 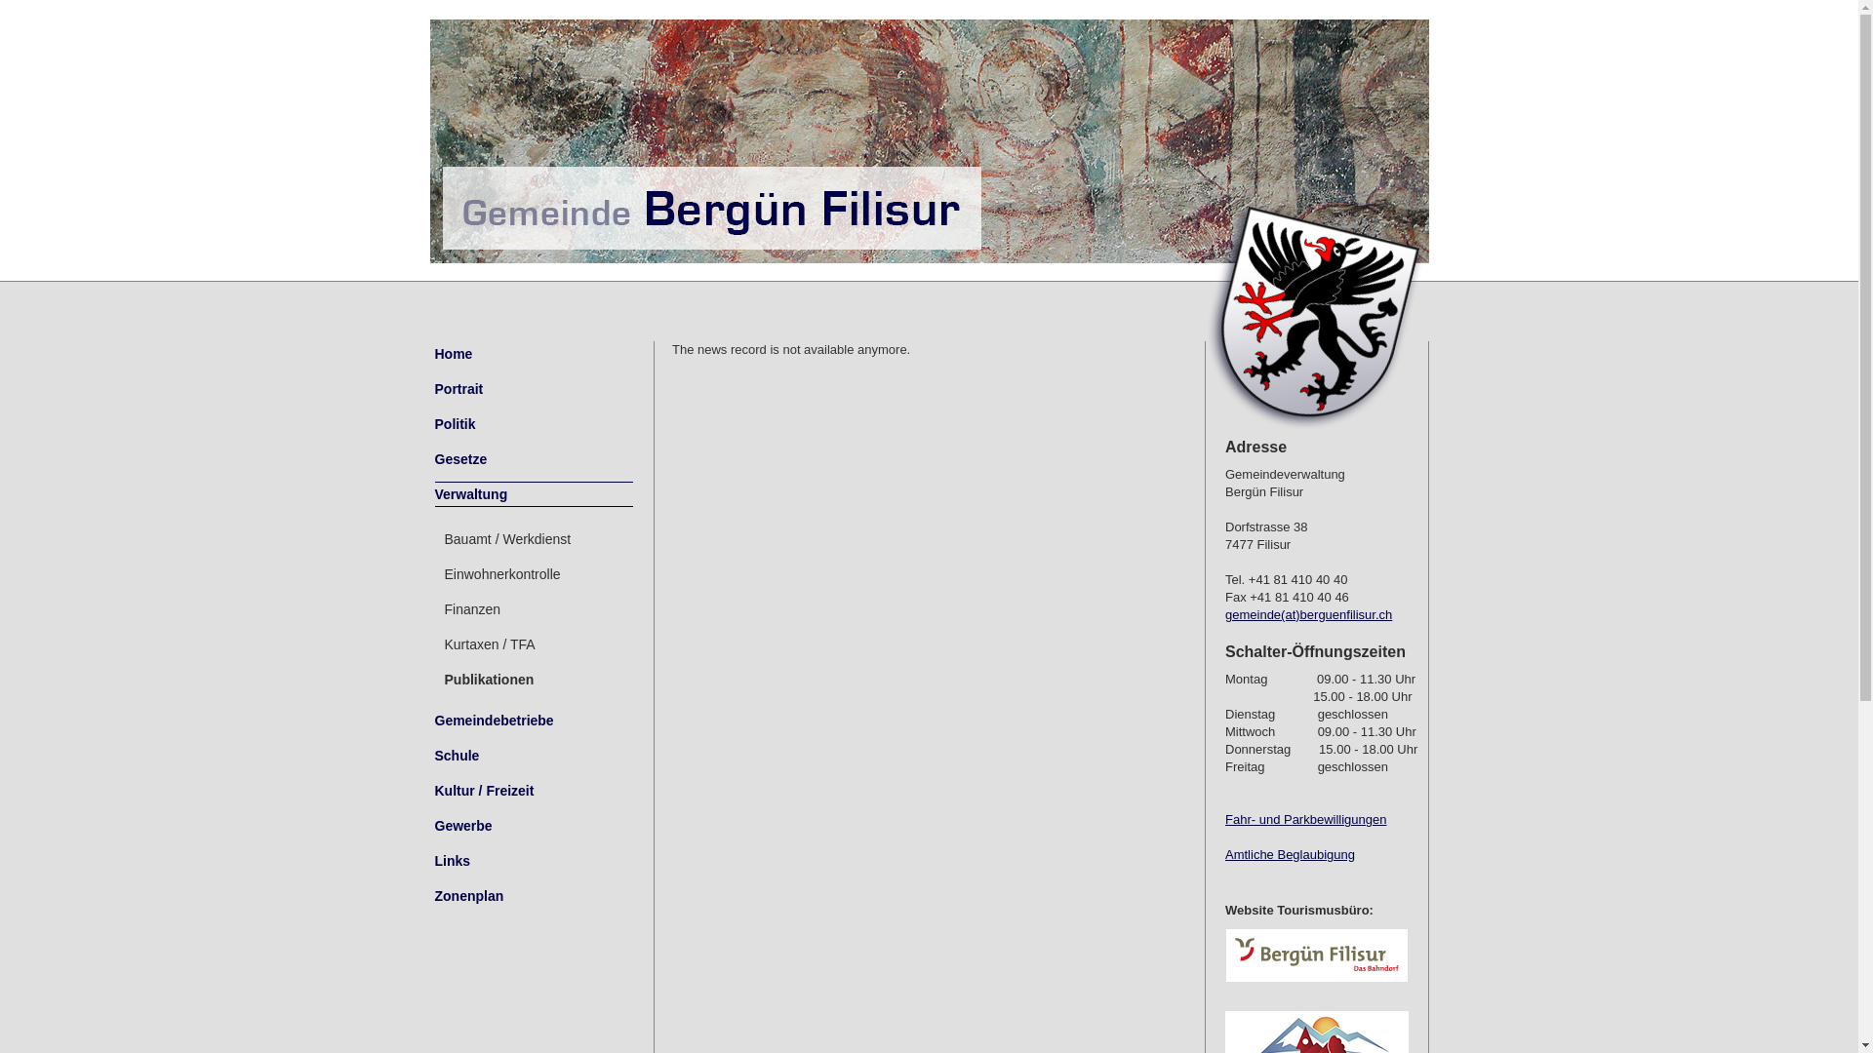 What do you see at coordinates (434, 755) in the screenshot?
I see `'Schule'` at bounding box center [434, 755].